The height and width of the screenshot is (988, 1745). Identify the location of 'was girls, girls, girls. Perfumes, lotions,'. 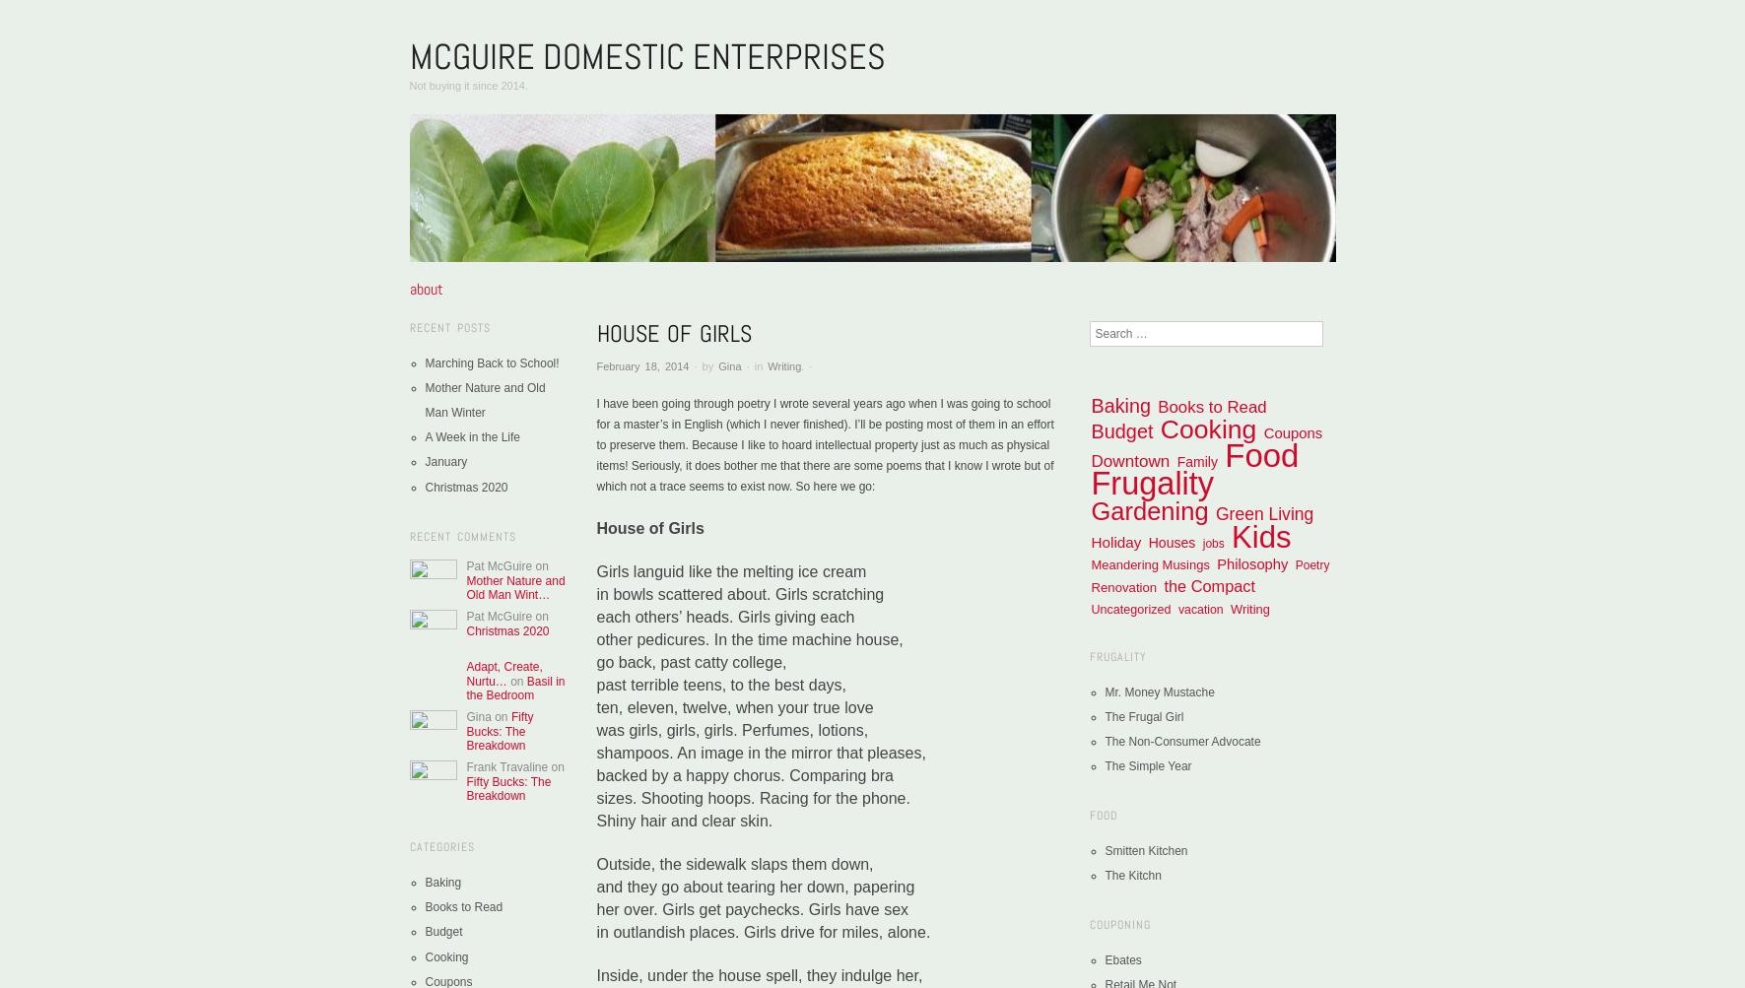
(731, 729).